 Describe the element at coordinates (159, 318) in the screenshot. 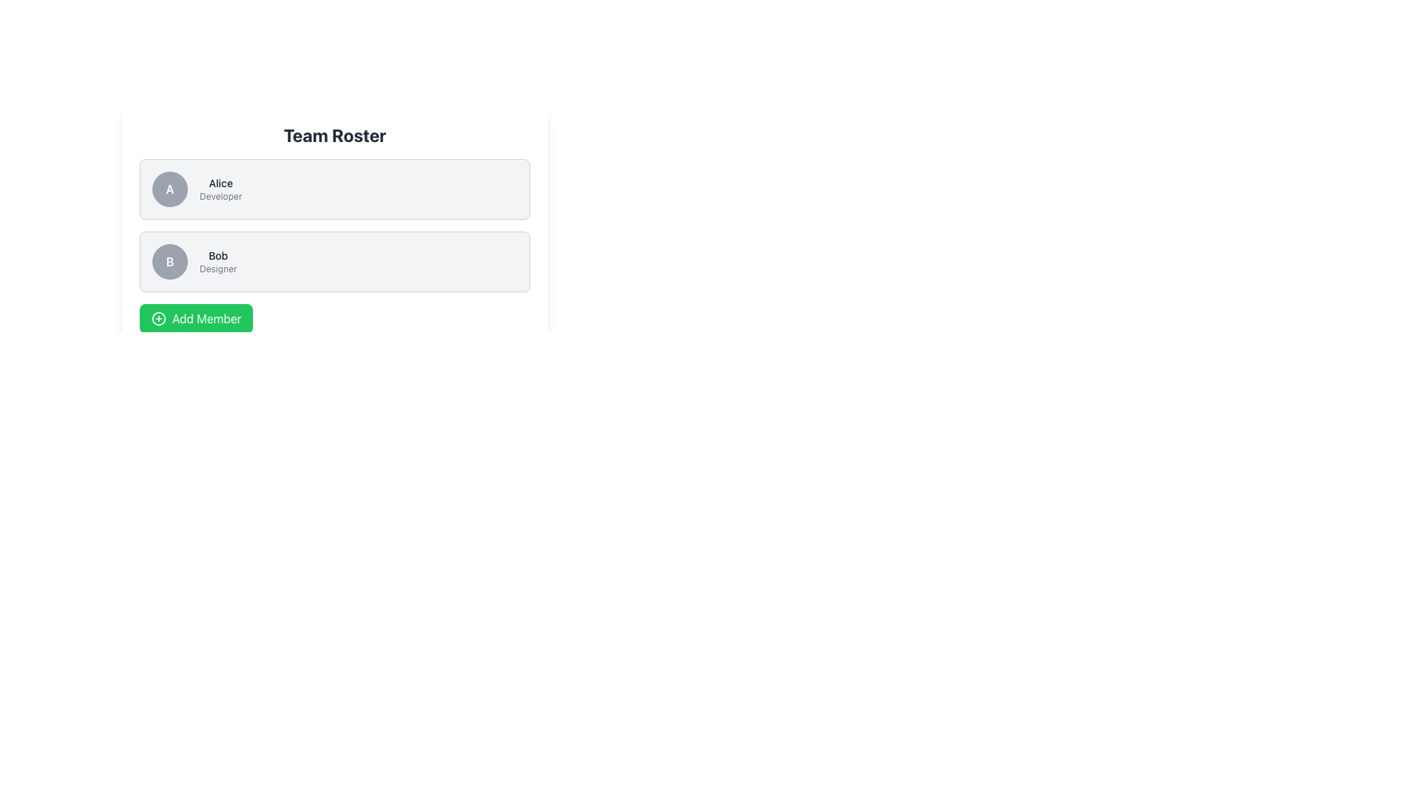

I see `the circular green icon with a plus sign, which is located to the left of the 'Add Member' text button at the bottom of the team member list` at that location.